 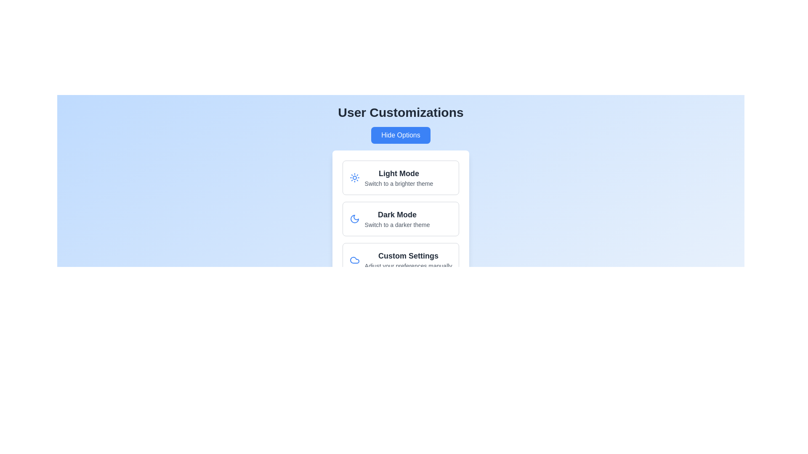 What do you see at coordinates (354, 259) in the screenshot?
I see `the icon representing Custom Settings to select it` at bounding box center [354, 259].